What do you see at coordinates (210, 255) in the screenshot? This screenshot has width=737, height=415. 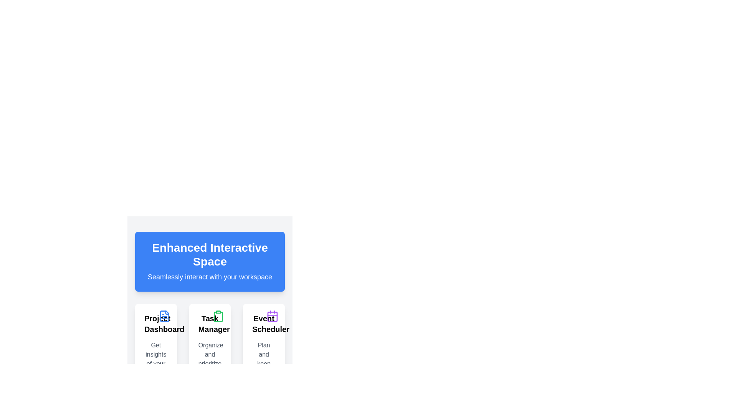 I see `the text-based heading element that serves as the title or heading of this section, which is located above the text 'Seamlessly interact with your workspace'` at bounding box center [210, 255].